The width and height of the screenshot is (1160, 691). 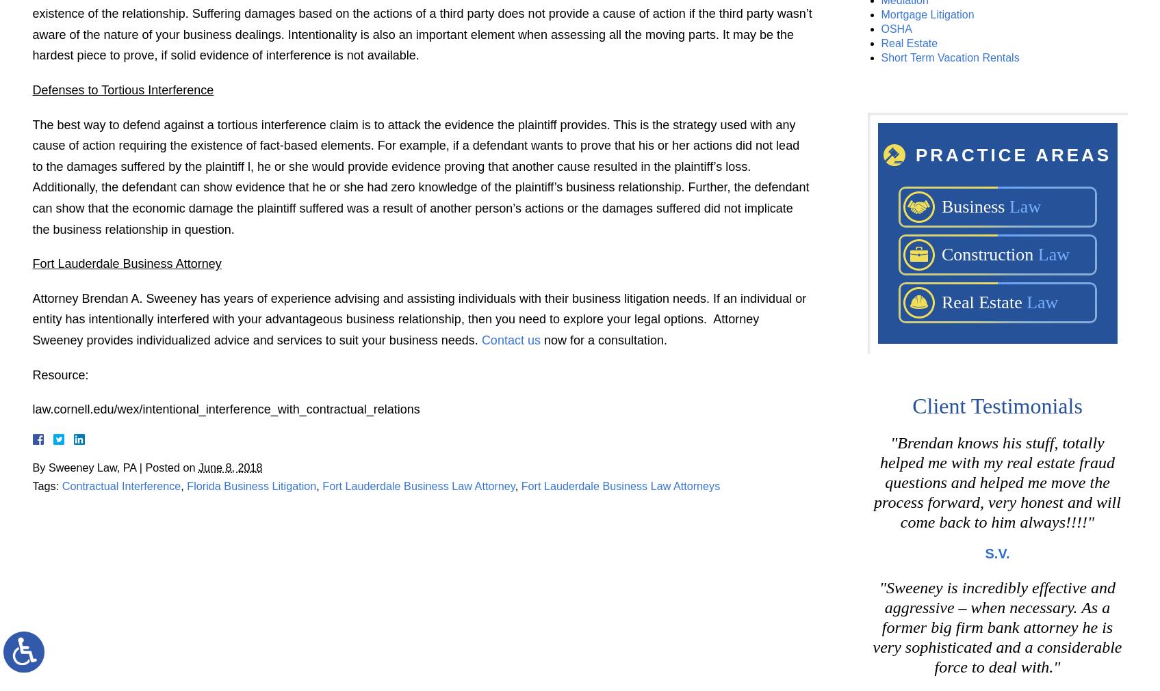 I want to click on 'June 8, 2018', so click(x=229, y=466).